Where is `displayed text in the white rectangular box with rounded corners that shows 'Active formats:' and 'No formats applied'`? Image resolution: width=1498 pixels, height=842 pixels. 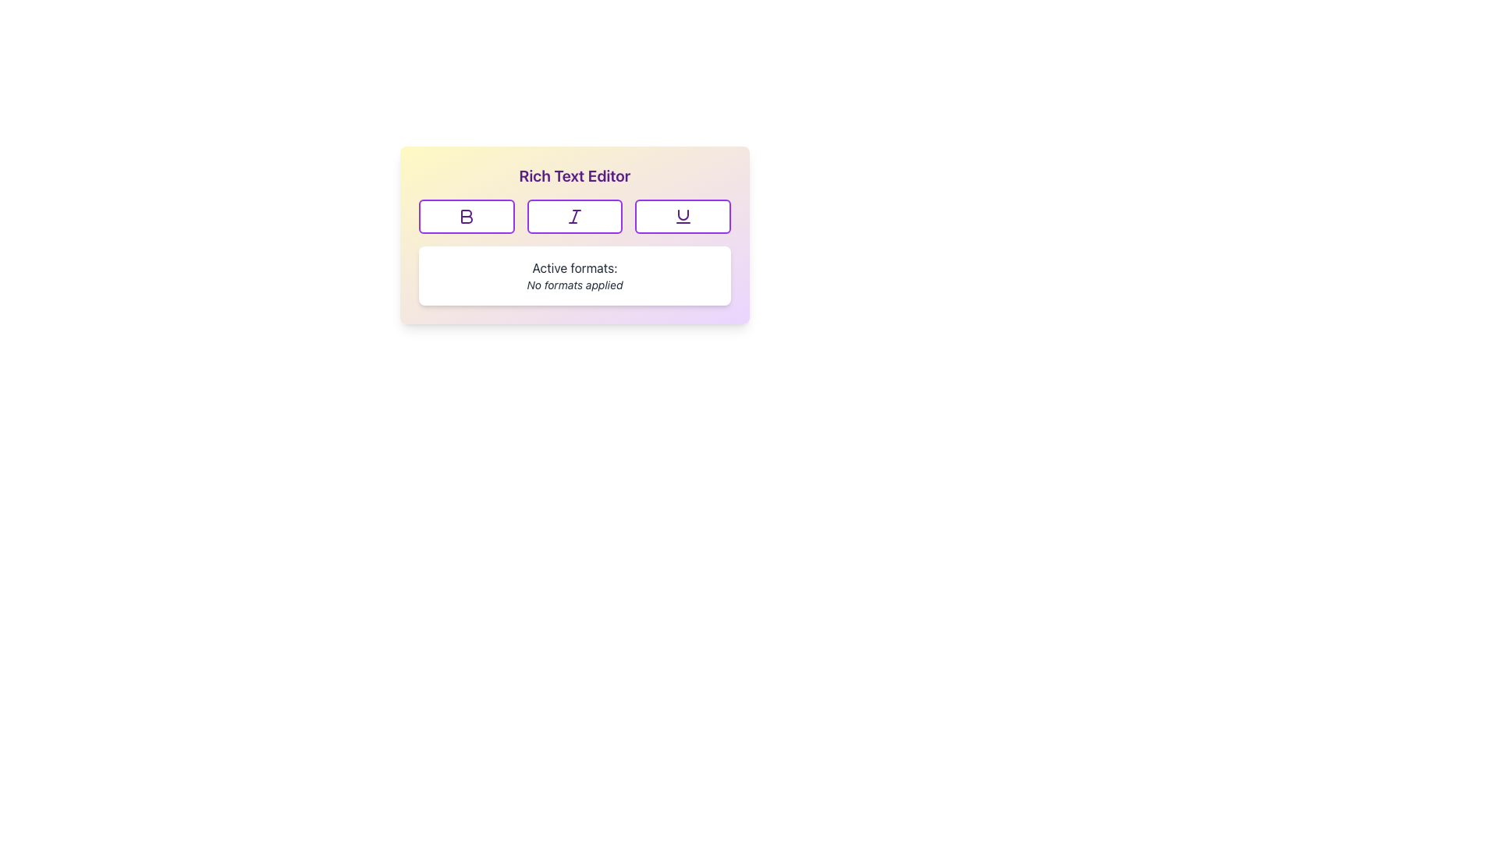 displayed text in the white rectangular box with rounded corners that shows 'Active formats:' and 'No formats applied' is located at coordinates (574, 275).